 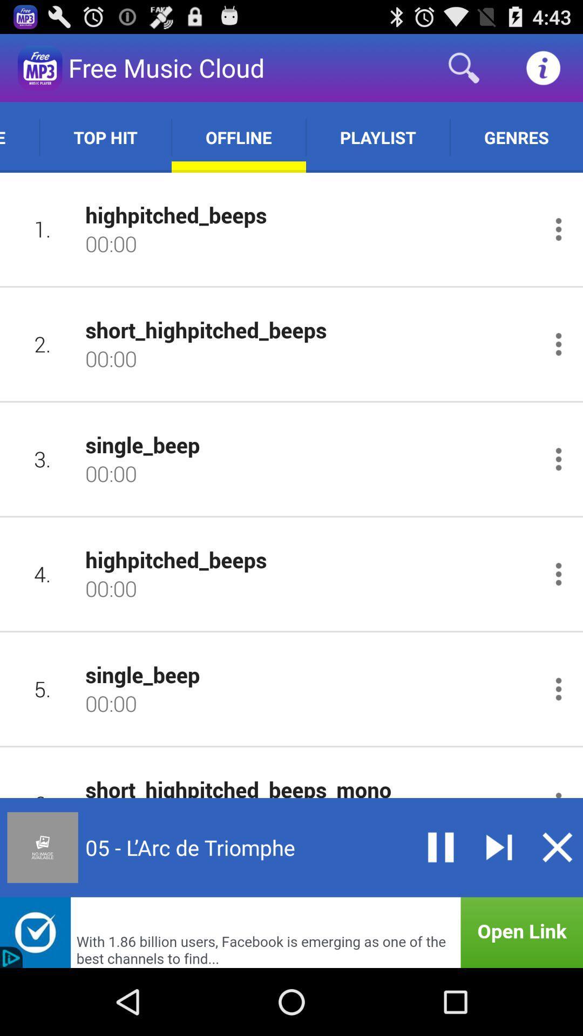 What do you see at coordinates (238, 137) in the screenshot?
I see `the item next to playlist` at bounding box center [238, 137].